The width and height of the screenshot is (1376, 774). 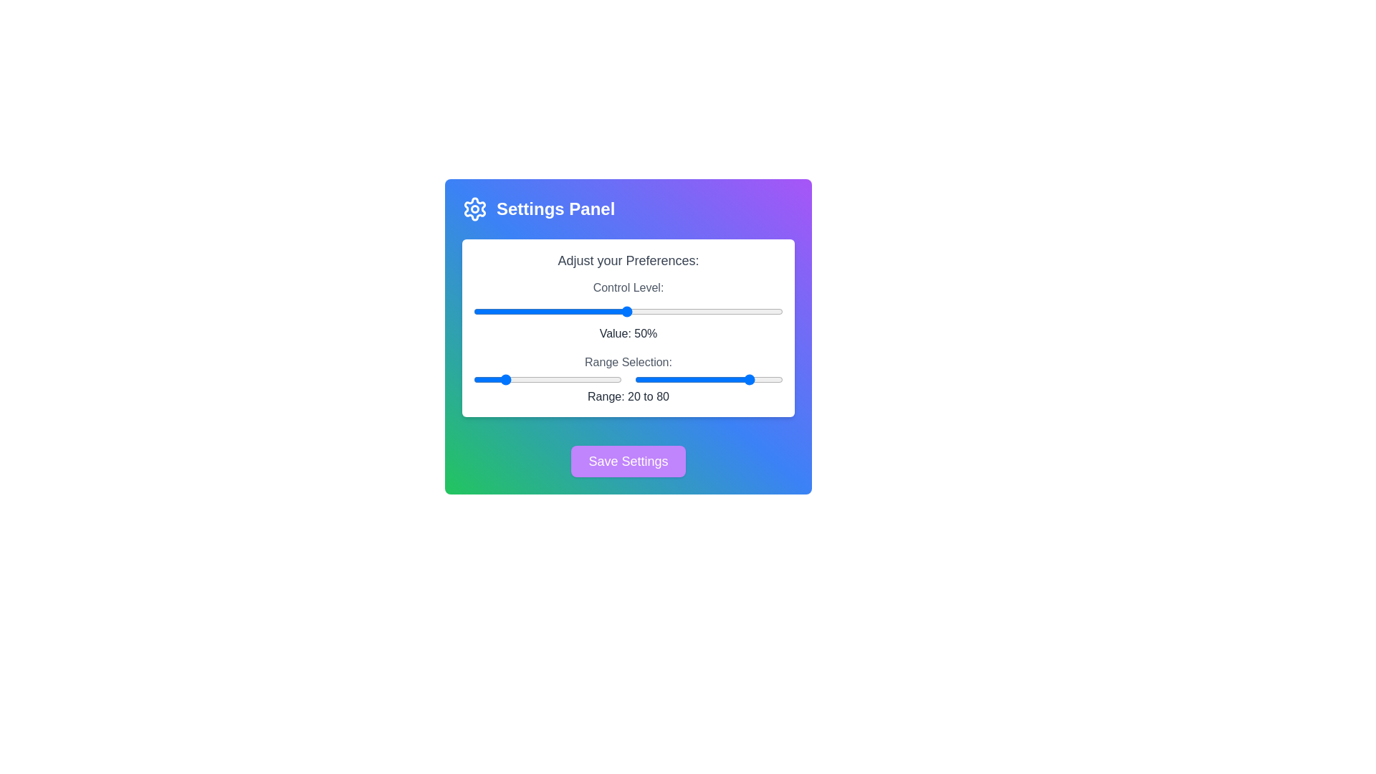 What do you see at coordinates (767, 378) in the screenshot?
I see `the slider` at bounding box center [767, 378].